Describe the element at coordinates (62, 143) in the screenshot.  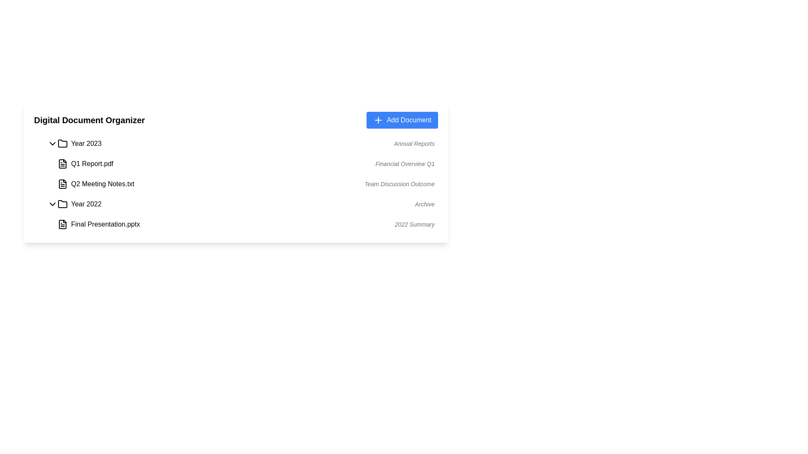
I see `the folder icon representing 'Year 2023'` at that location.